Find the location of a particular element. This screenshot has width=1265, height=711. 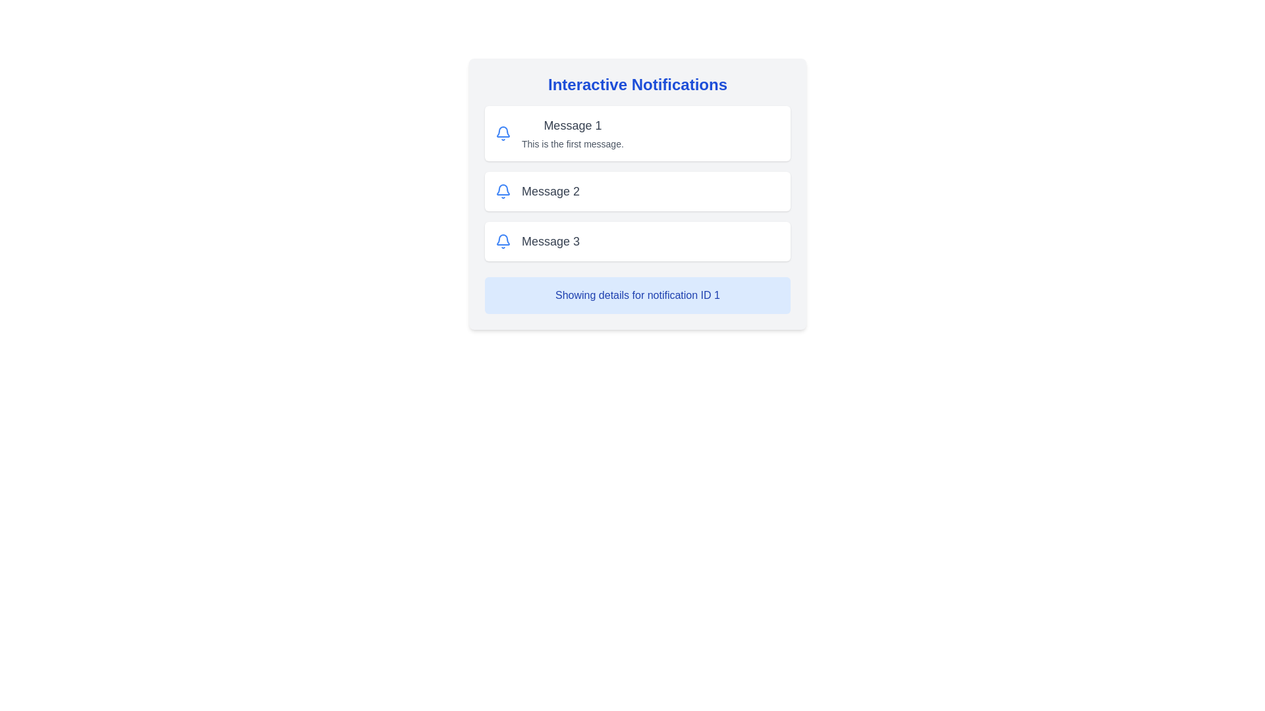

the text element that displays additional information about the notification 'Message 1', located in the first notification block below 'Message 1' within the 'Interactive Notifications' card is located at coordinates (573, 144).